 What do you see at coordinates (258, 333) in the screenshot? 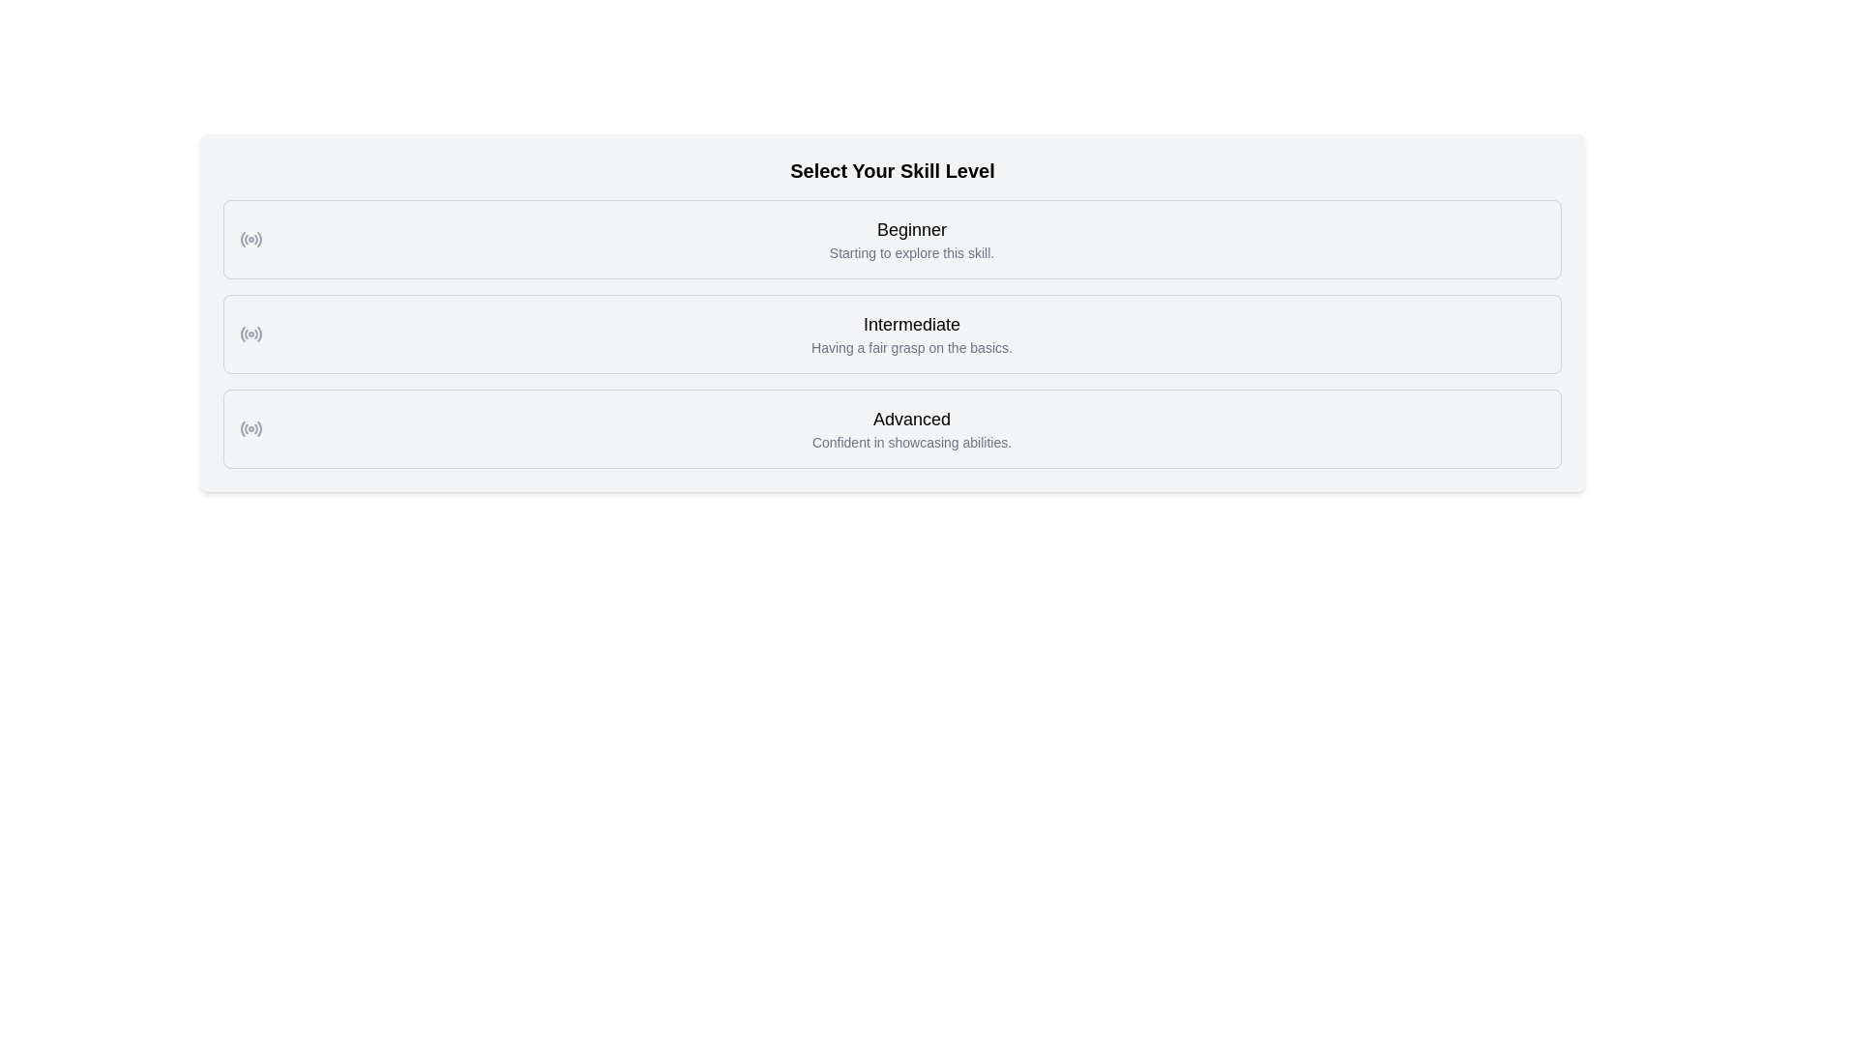
I see `the fifth arc of the SVG graphical element that is part of a radio or signal-like icon, located on the rightmost side of a set of concentric arcs` at bounding box center [258, 333].